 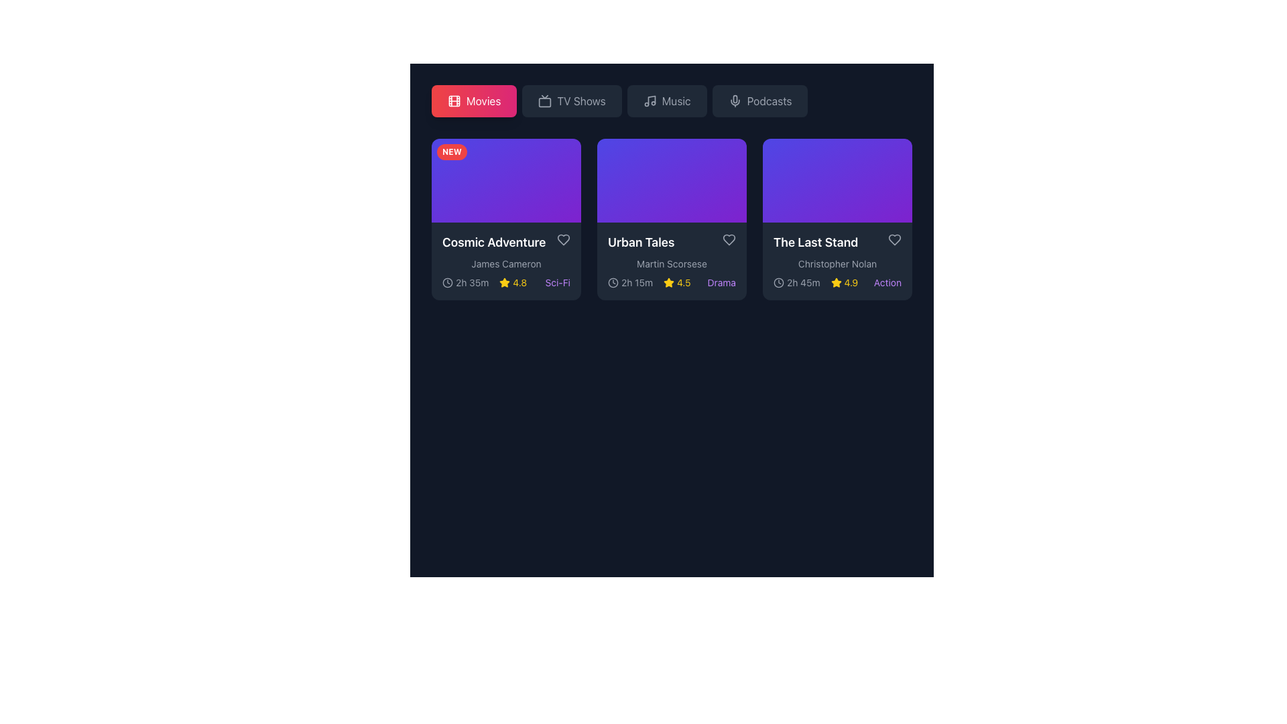 What do you see at coordinates (545, 100) in the screenshot?
I see `the 'TV Shows' button which contains a small gray TV icon` at bounding box center [545, 100].